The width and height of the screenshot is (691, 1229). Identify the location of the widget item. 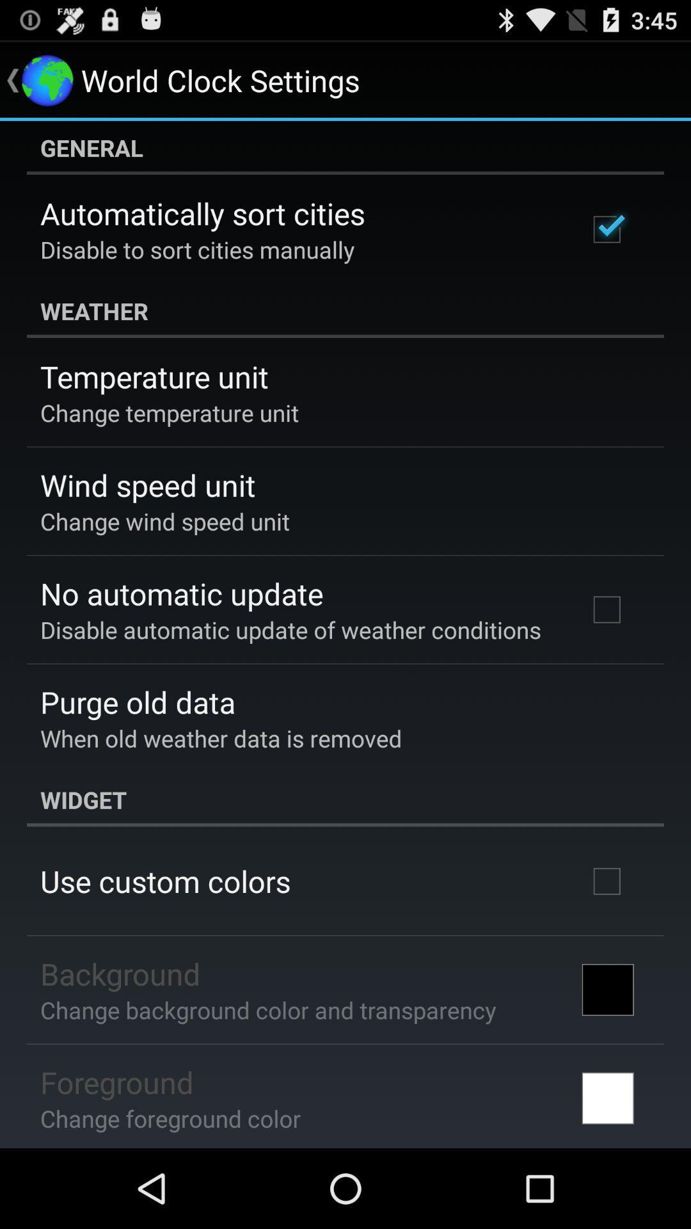
(345, 799).